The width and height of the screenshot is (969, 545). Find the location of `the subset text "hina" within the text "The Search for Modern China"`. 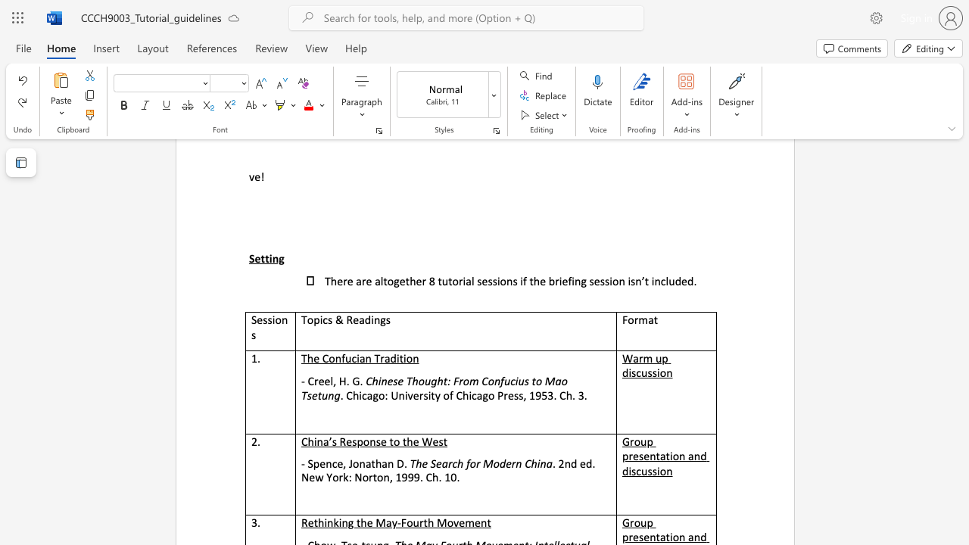

the subset text "hina" within the text "The Search for Modern China" is located at coordinates (531, 462).